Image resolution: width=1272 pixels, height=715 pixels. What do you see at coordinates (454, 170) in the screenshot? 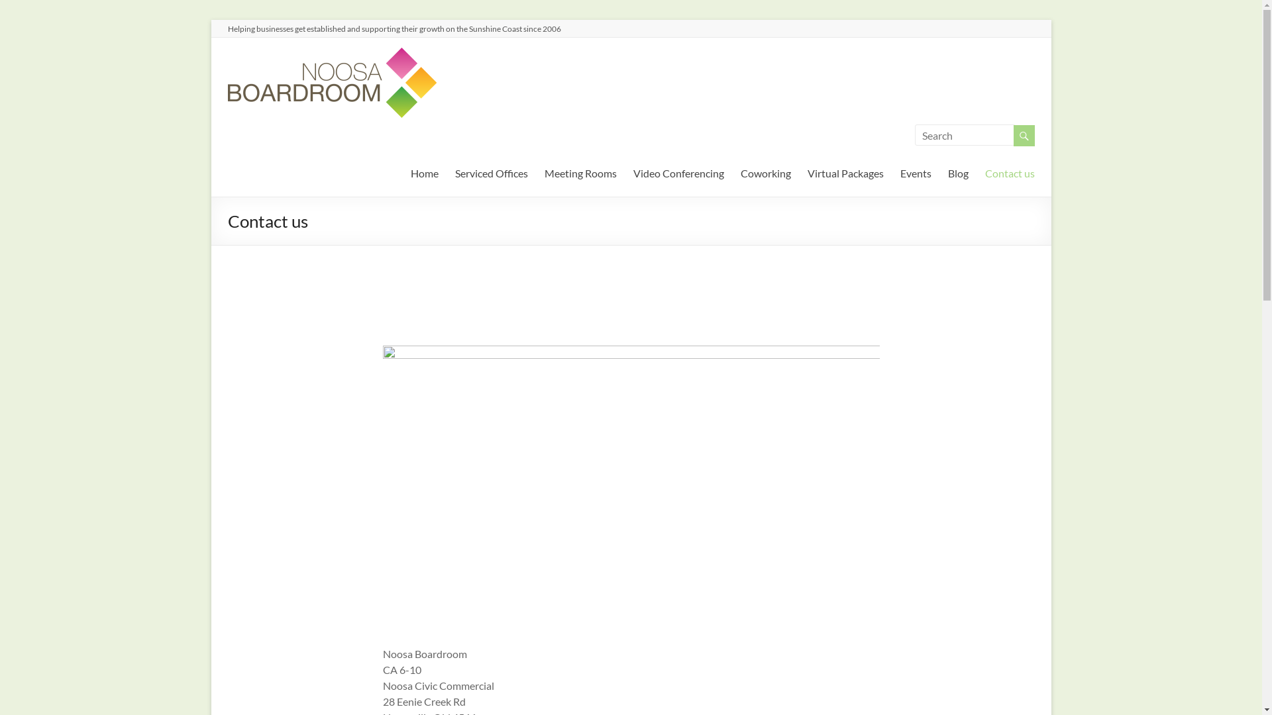
I see `'Serviced Offices'` at bounding box center [454, 170].